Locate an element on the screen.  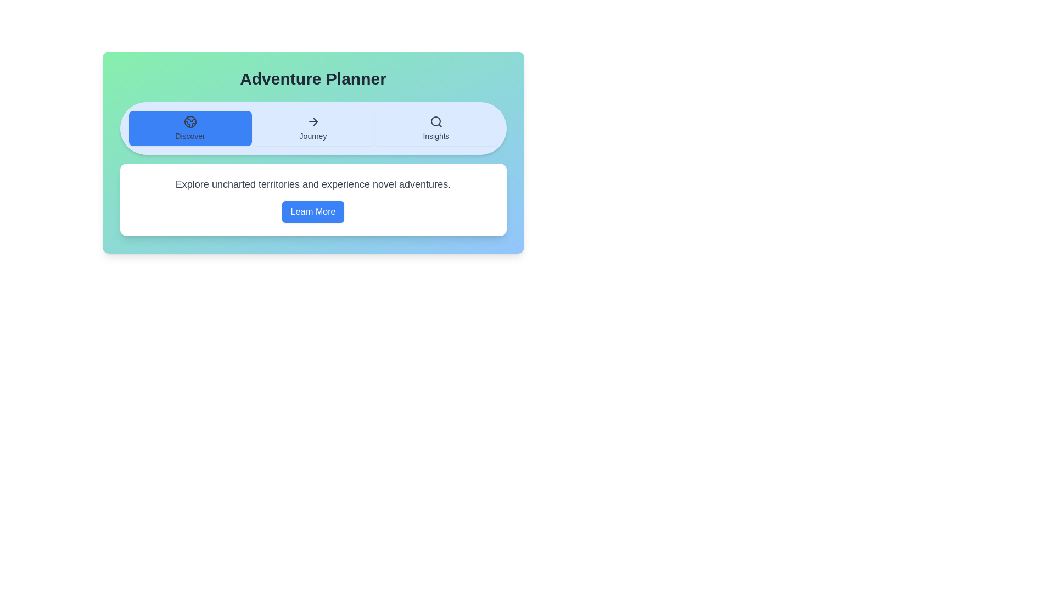
the rightward-pointing arrow icon within the 'Journey' tab, which is styled with a minimalist outline design and has a soft blue background is located at coordinates (312, 122).